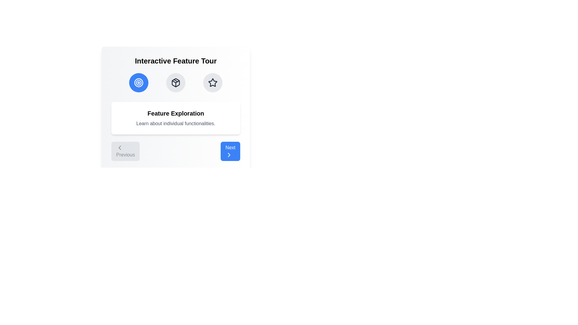 This screenshot has height=325, width=578. What do you see at coordinates (176, 82) in the screenshot?
I see `the second icon in a set of three icons, which is represented by a wireframe box or package with a dark gray outline on a light-gray circular background` at bounding box center [176, 82].